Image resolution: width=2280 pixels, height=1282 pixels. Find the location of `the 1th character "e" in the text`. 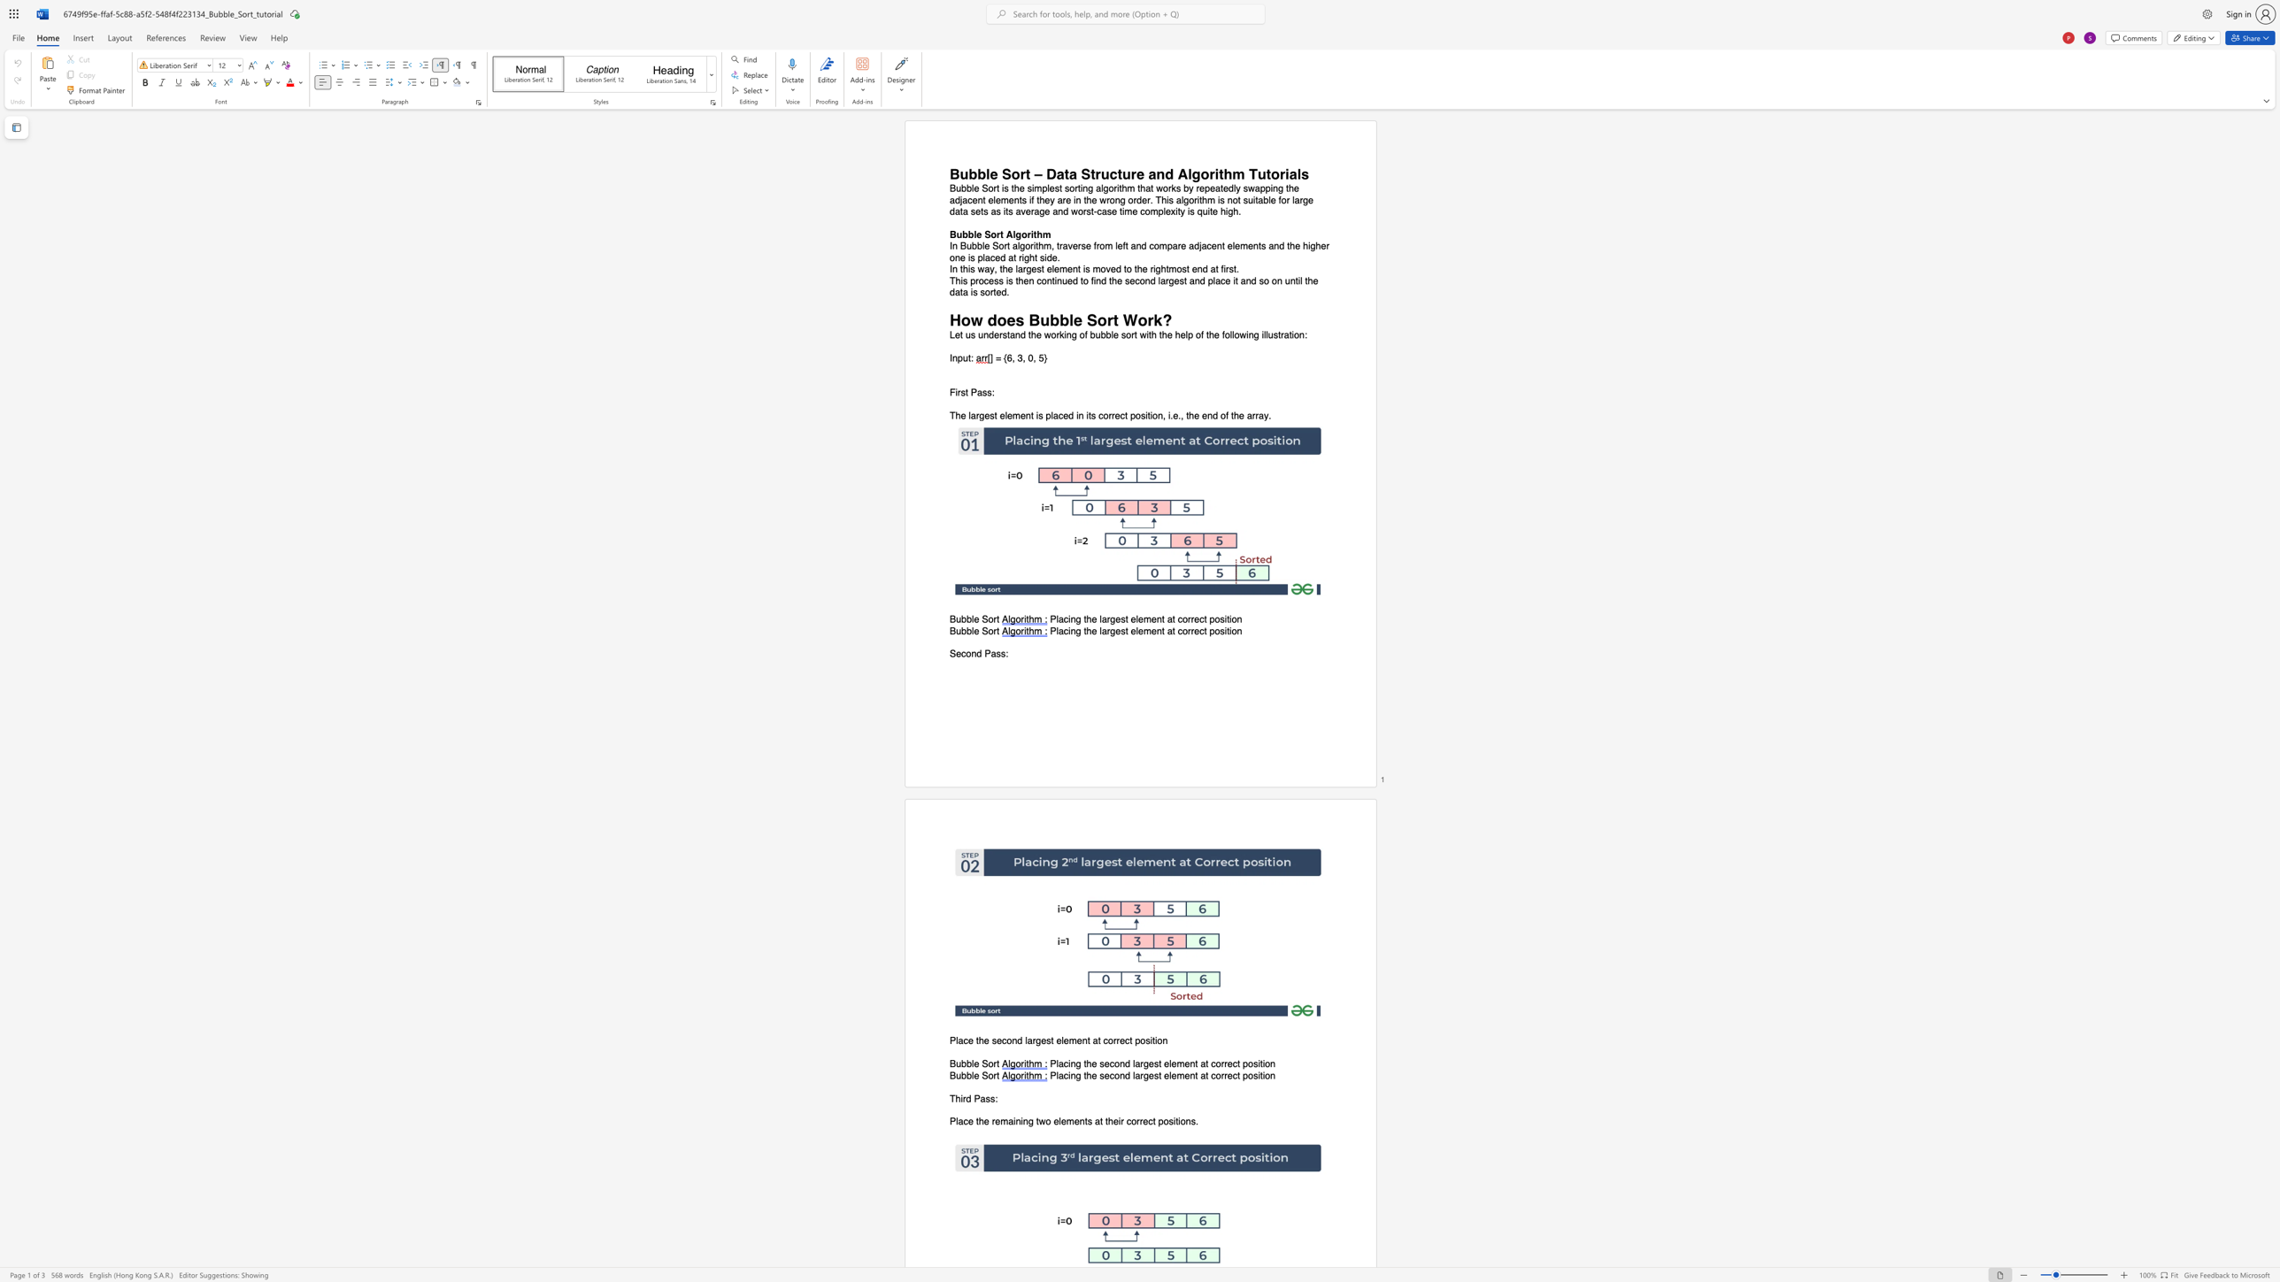

the 1th character "e" in the text is located at coordinates (1094, 630).